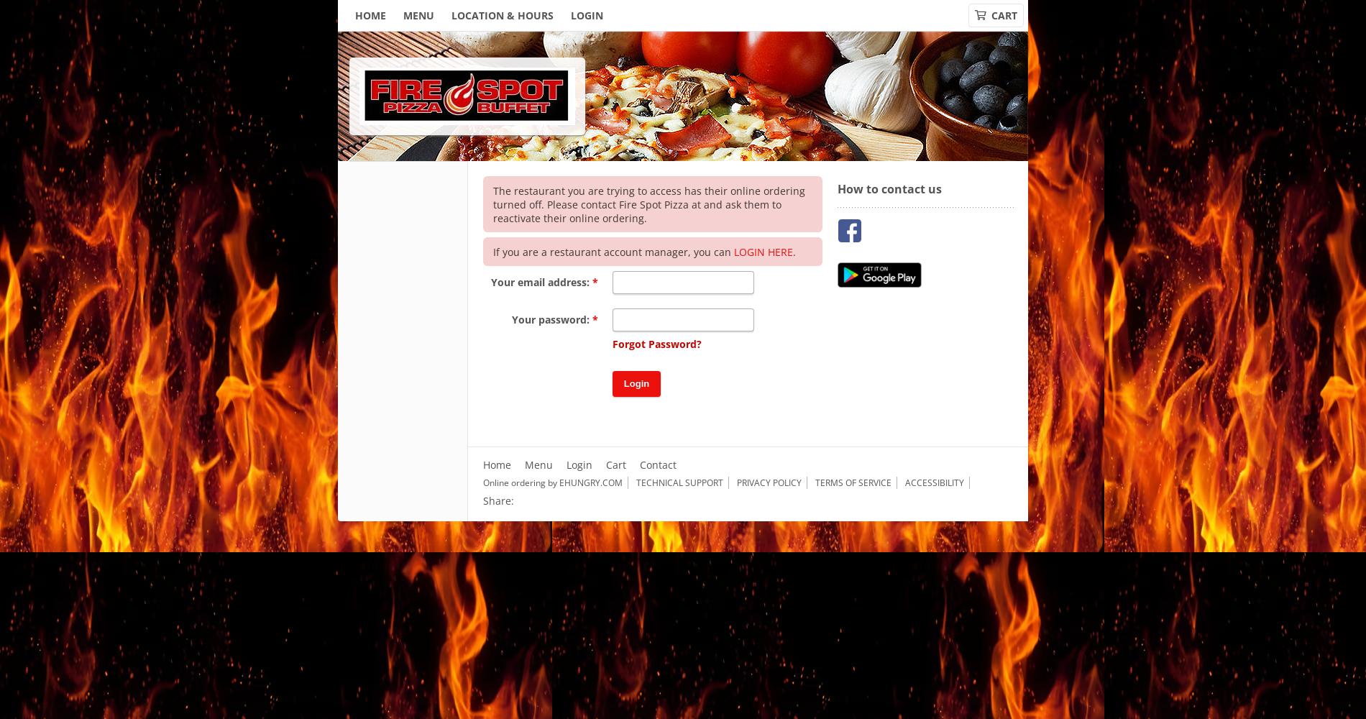 The width and height of the screenshot is (1366, 719). Describe the element at coordinates (503, 15) in the screenshot. I see `'Location & Hours'` at that location.